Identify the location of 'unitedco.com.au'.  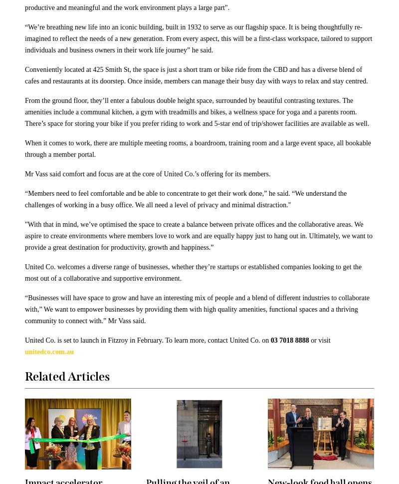
(24, 351).